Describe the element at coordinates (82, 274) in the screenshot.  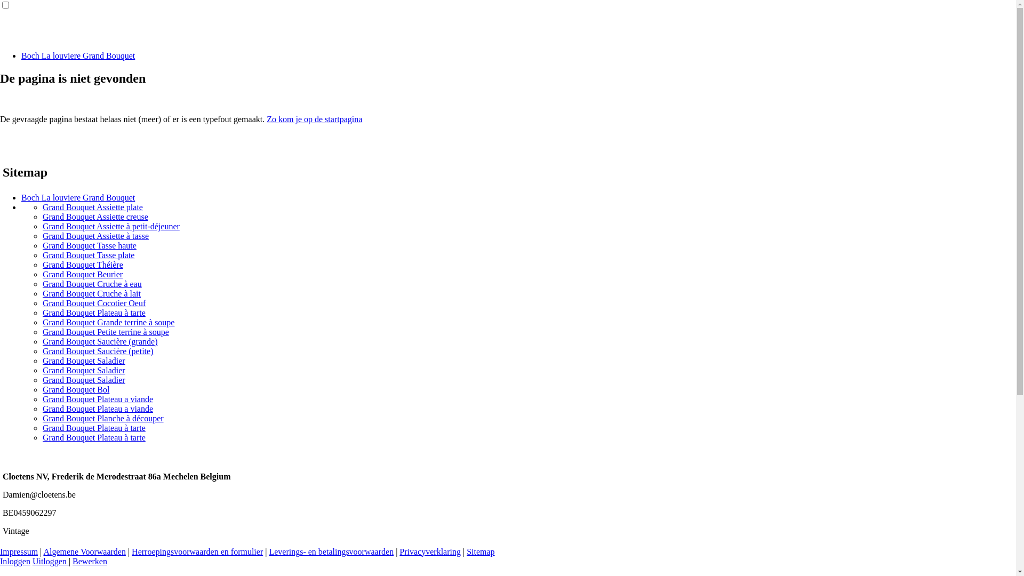
I see `'Grand Bouquet Beurier'` at that location.